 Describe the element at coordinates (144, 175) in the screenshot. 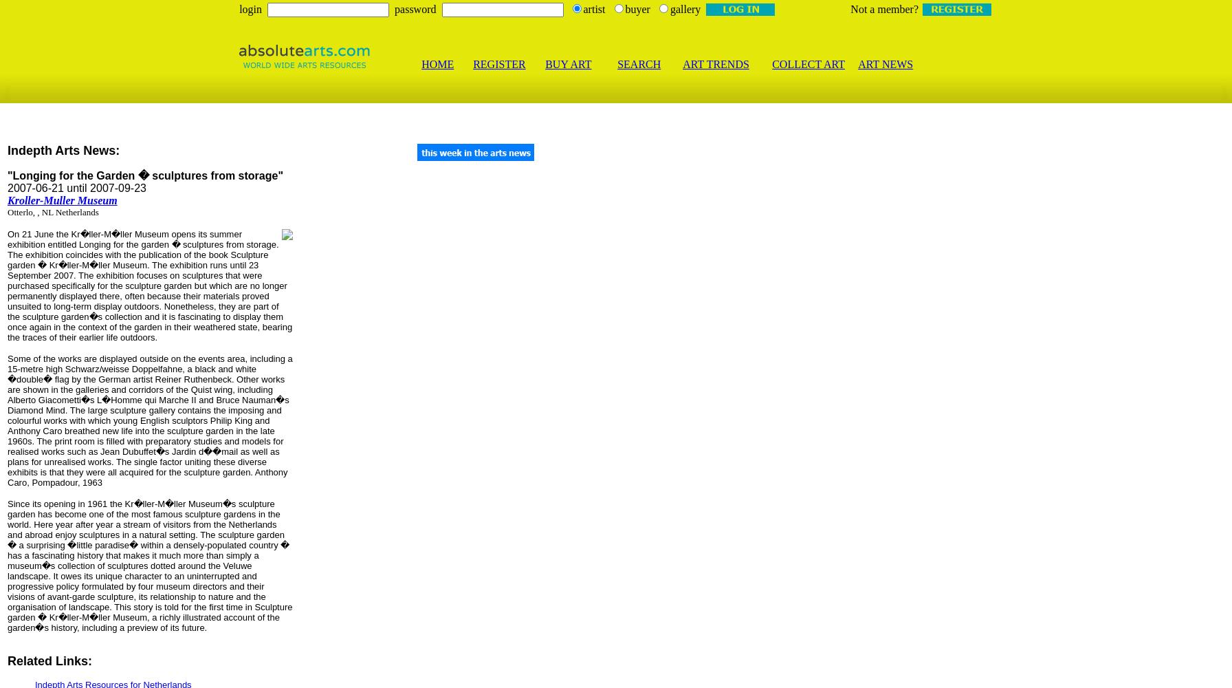

I see `'"Longing for the Garden � sculptures from storage"'` at that location.